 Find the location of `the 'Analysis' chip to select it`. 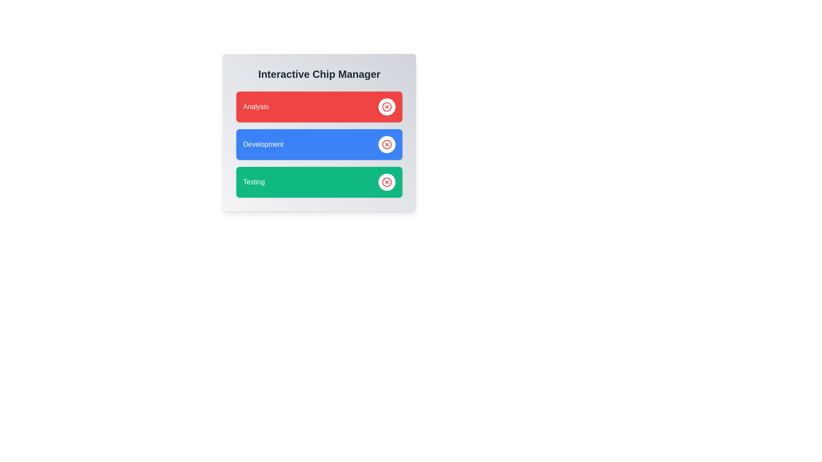

the 'Analysis' chip to select it is located at coordinates (319, 107).